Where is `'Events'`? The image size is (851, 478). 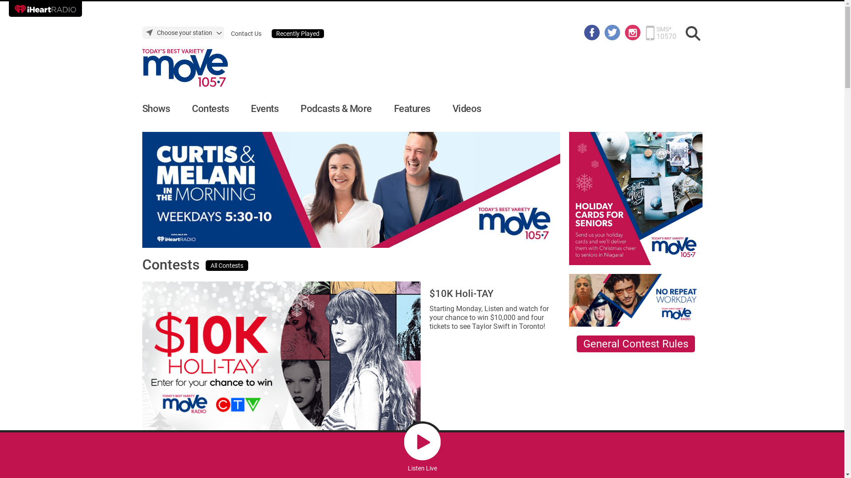
'Events' is located at coordinates (264, 108).